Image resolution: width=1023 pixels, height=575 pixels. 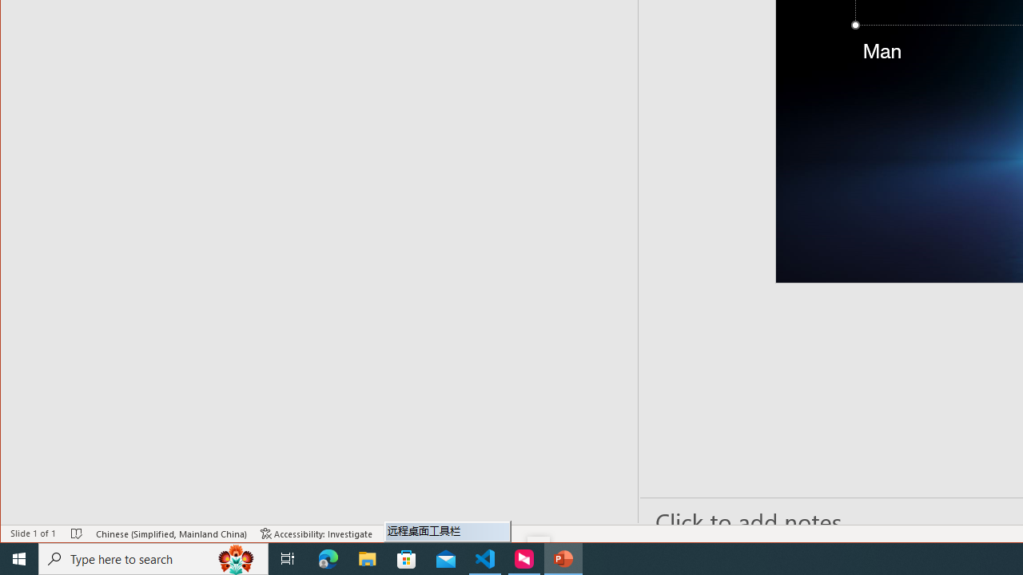 I want to click on 'Microsoft Store', so click(x=407, y=557).